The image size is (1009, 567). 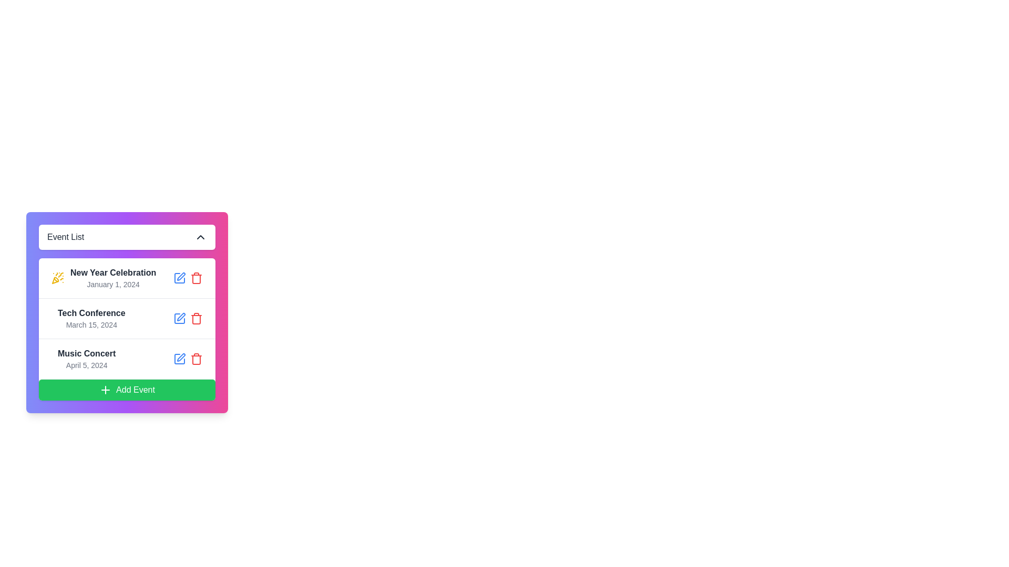 I want to click on the bold text label displaying the title 'Music Concert' to focus on it, so click(x=87, y=354).